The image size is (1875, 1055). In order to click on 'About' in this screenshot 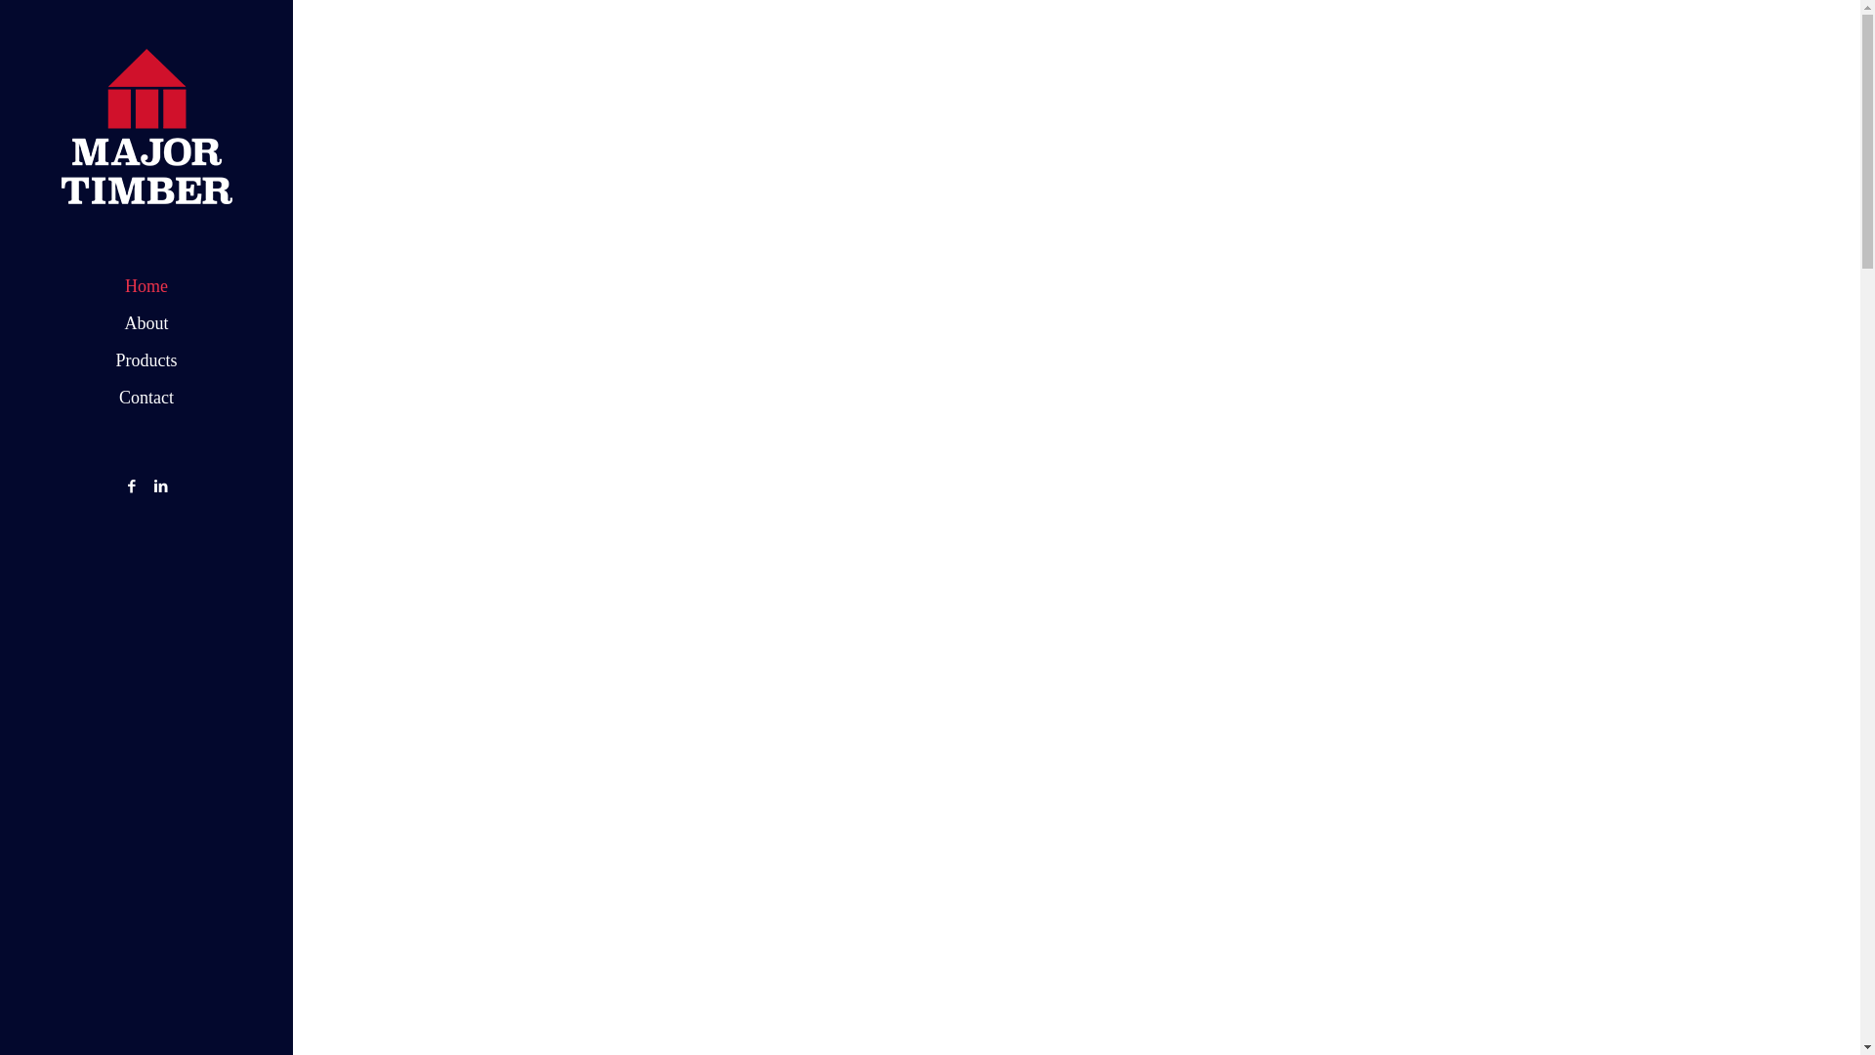, I will do `click(145, 322)`.